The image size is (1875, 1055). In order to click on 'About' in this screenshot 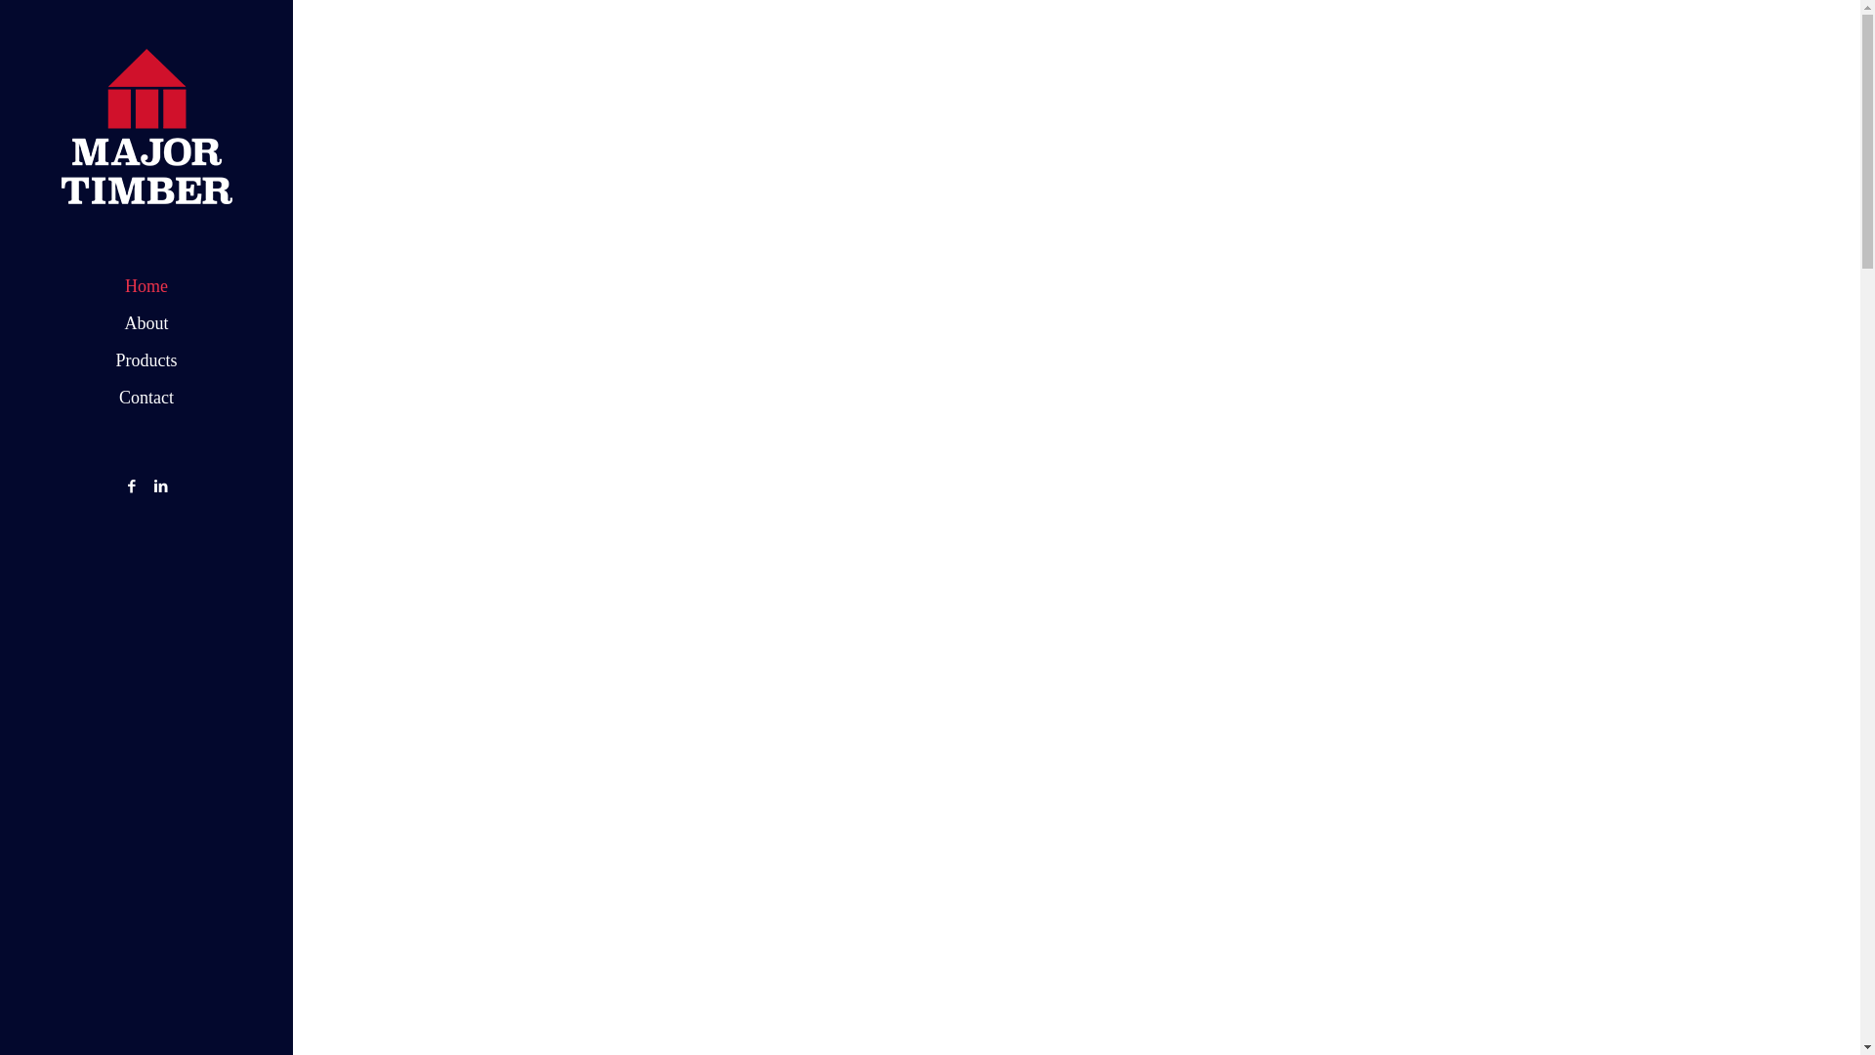, I will do `click(145, 322)`.